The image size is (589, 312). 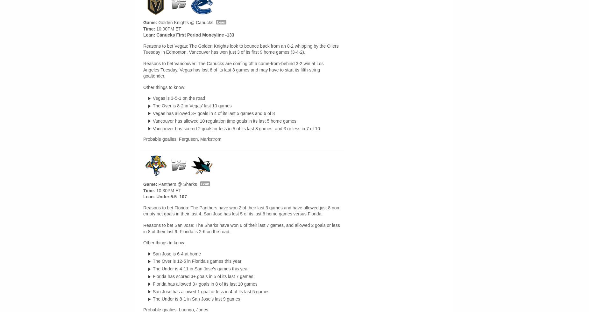 I want to click on 'The Over is 12-5 in Florida’s games this year', so click(x=197, y=261).